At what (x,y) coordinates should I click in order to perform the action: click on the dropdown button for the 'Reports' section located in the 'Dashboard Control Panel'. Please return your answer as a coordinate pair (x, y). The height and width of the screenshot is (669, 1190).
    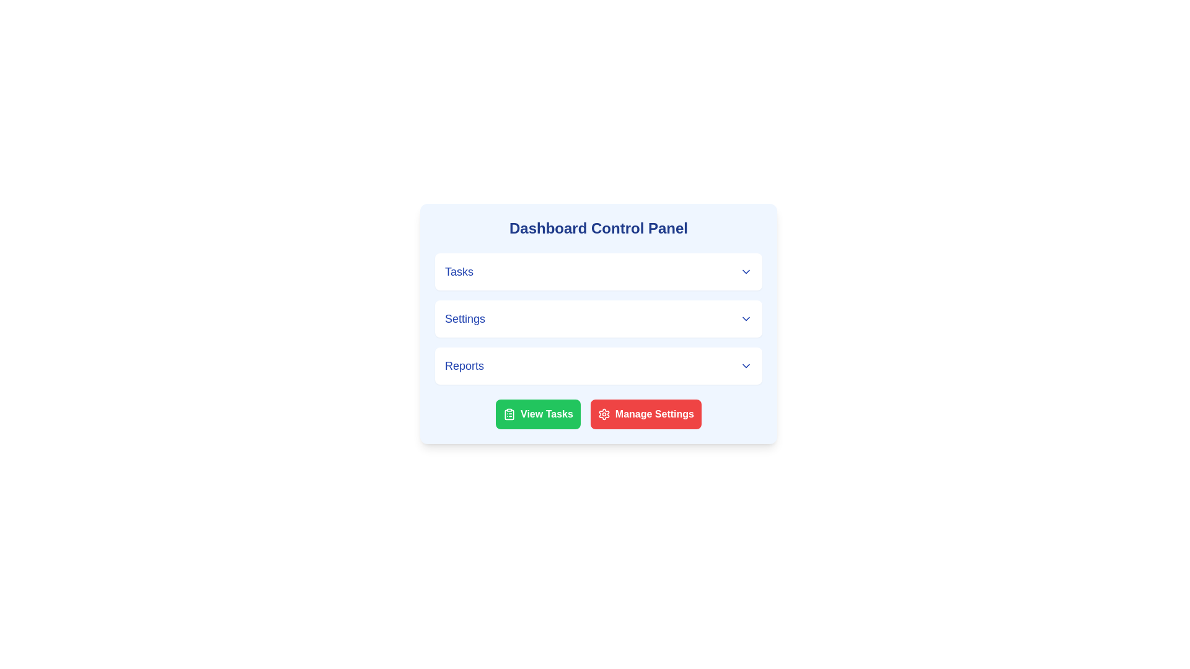
    Looking at the image, I should click on (598, 365).